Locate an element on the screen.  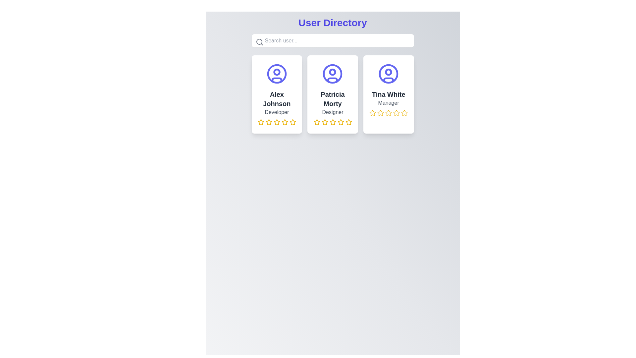
the third star in the rating system below the text 'Designer' on Patricia Morty's user card to interact with the rating system is located at coordinates (333, 122).